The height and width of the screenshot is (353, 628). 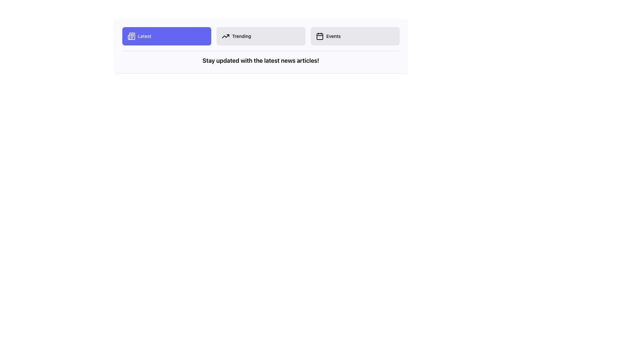 What do you see at coordinates (225, 36) in the screenshot?
I see `the upward trend icon with a black outline, located to the left of the 'Trending' text inside a rounded rectangular button` at bounding box center [225, 36].